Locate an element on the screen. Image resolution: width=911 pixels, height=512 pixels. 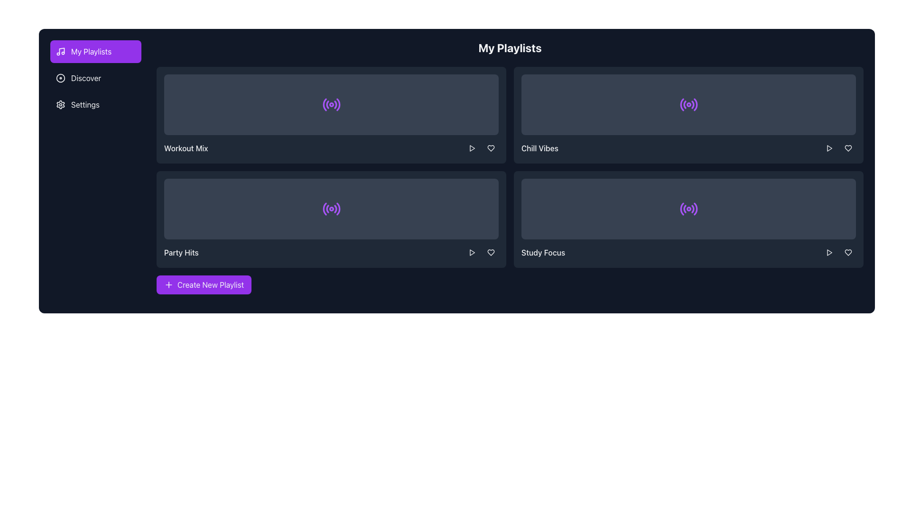
the heart icon located in the bottom-right corner of the fourth playlist card (Study Focus) to mark it as a favorite is located at coordinates (848, 252).